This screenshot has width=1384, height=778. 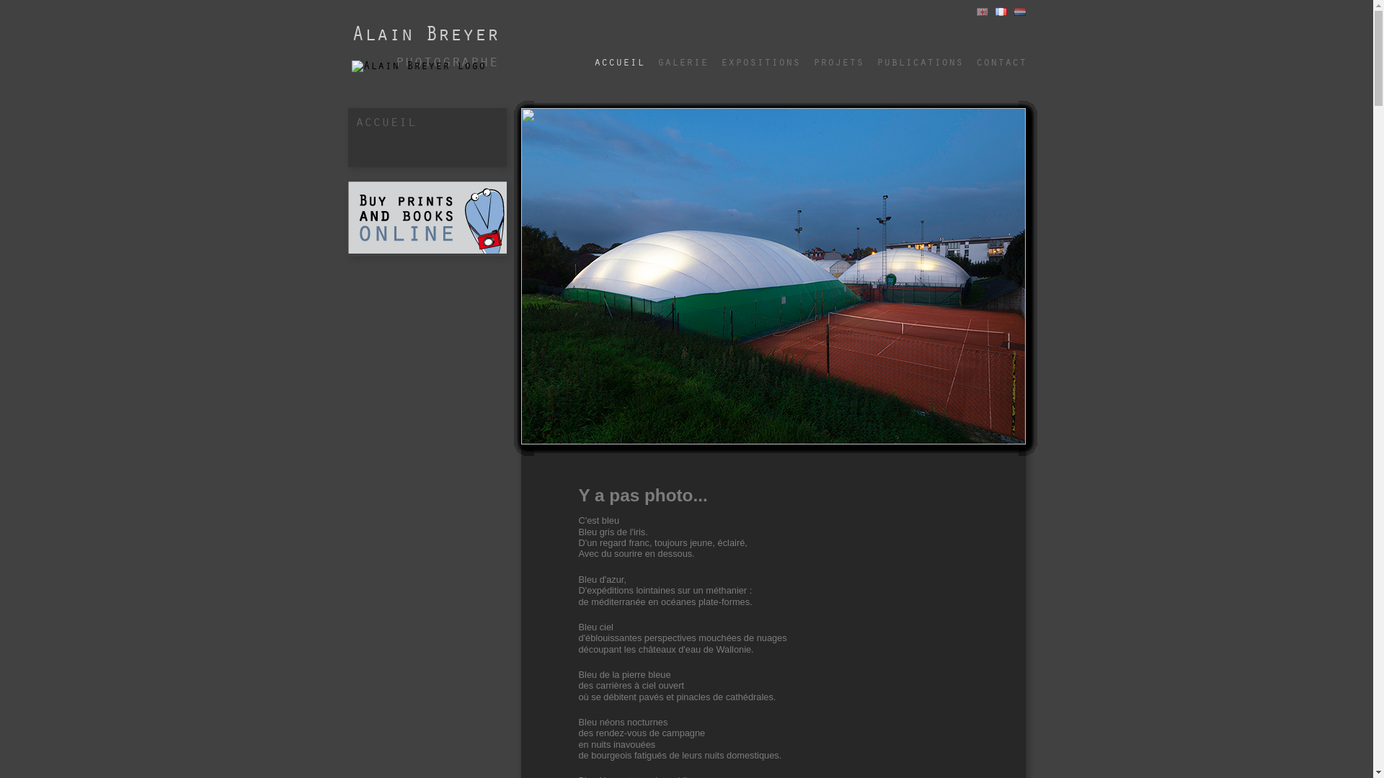 I want to click on 'expositions', so click(x=760, y=55).